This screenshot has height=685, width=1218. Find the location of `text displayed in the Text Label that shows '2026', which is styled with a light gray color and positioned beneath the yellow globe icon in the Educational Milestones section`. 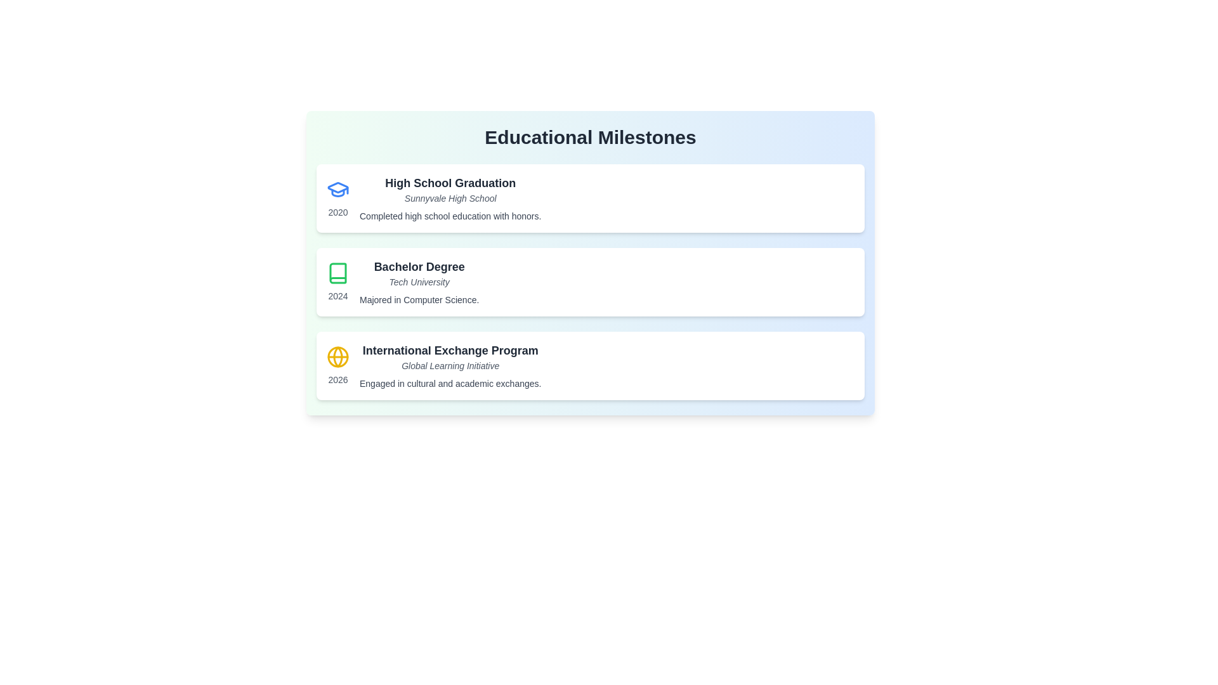

text displayed in the Text Label that shows '2026', which is styled with a light gray color and positioned beneath the yellow globe icon in the Educational Milestones section is located at coordinates (337, 379).